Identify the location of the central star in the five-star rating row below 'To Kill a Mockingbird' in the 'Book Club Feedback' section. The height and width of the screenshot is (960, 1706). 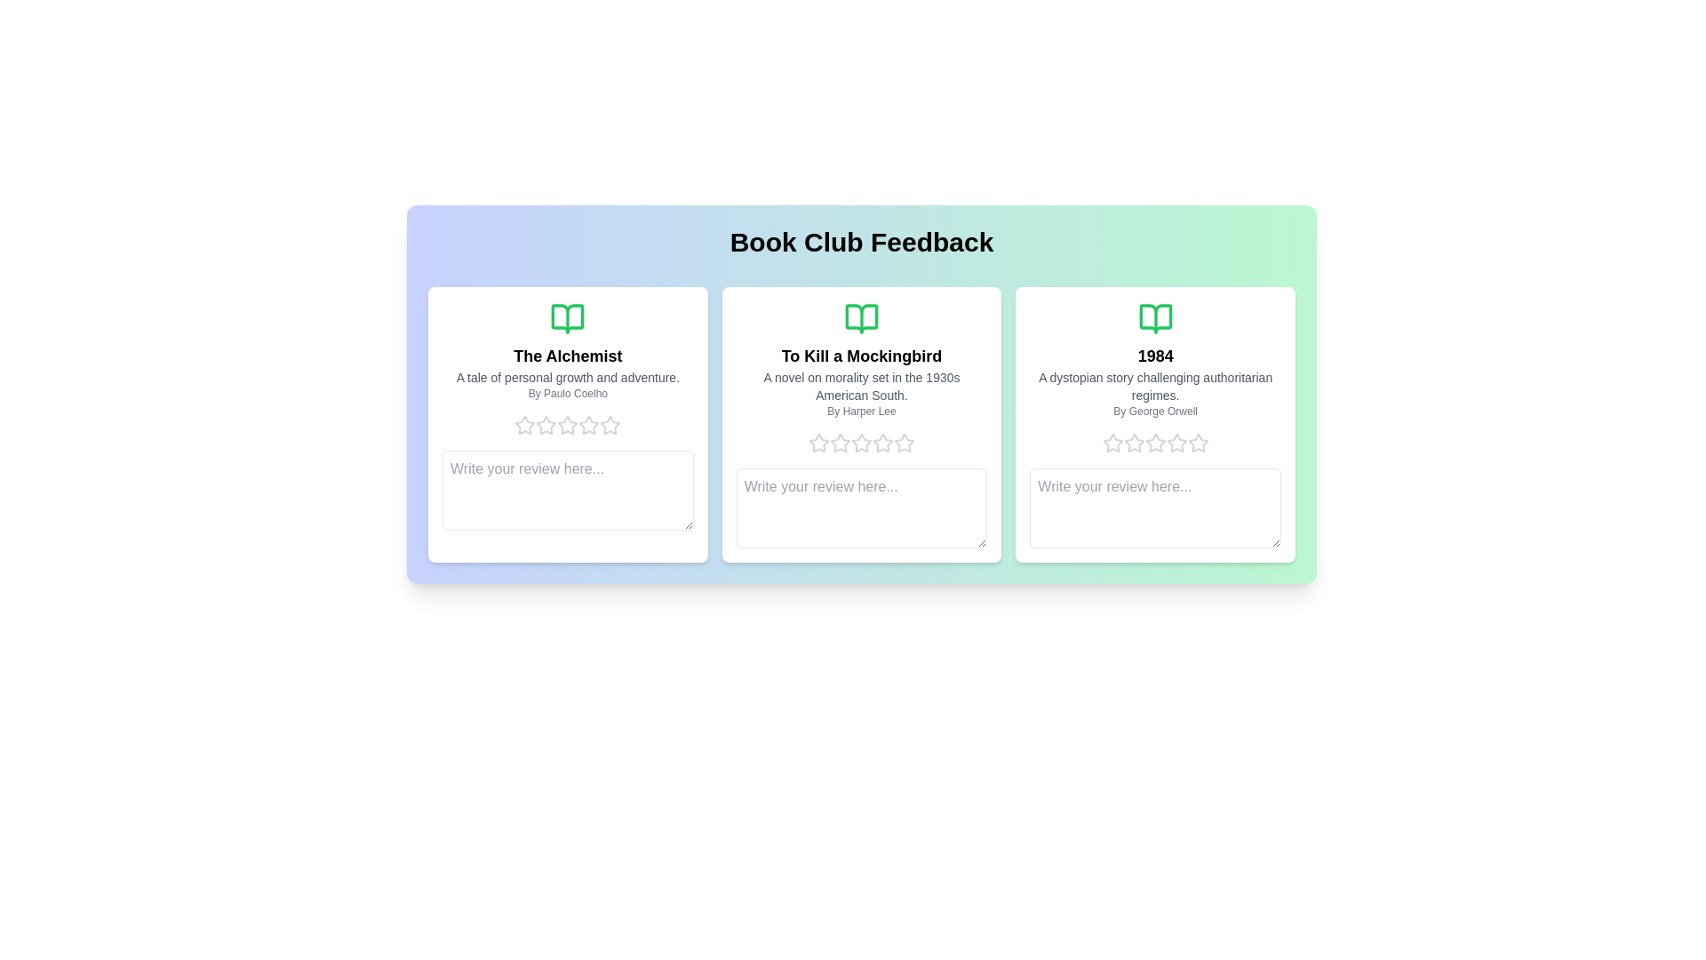
(882, 442).